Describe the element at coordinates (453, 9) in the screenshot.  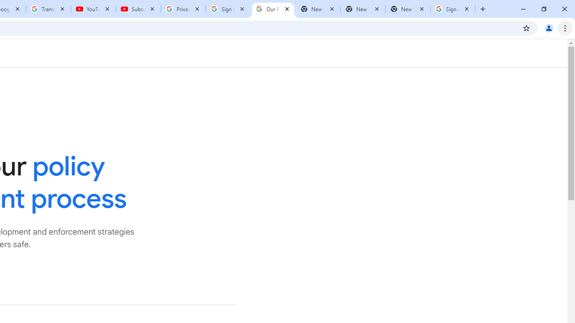
I see `'Sign in - Google Accounts'` at that location.